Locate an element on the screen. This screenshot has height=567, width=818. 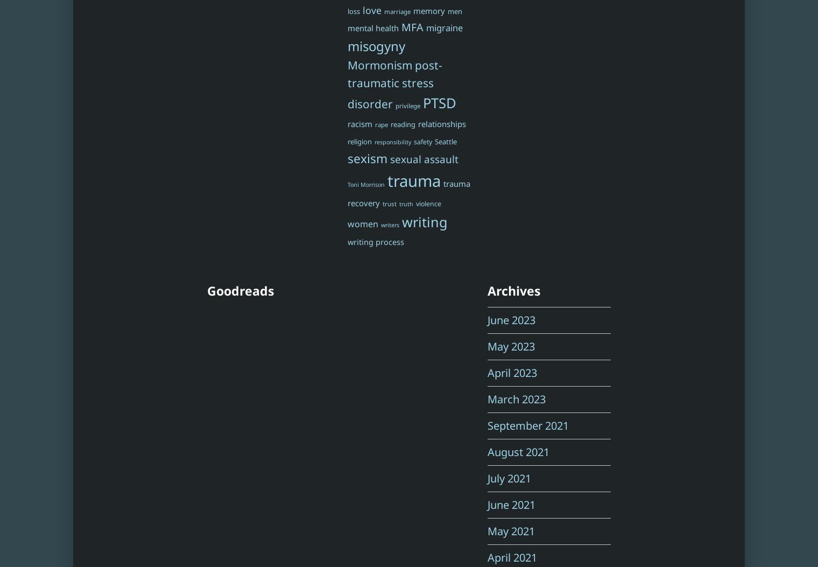
'July 2021' is located at coordinates (488, 478).